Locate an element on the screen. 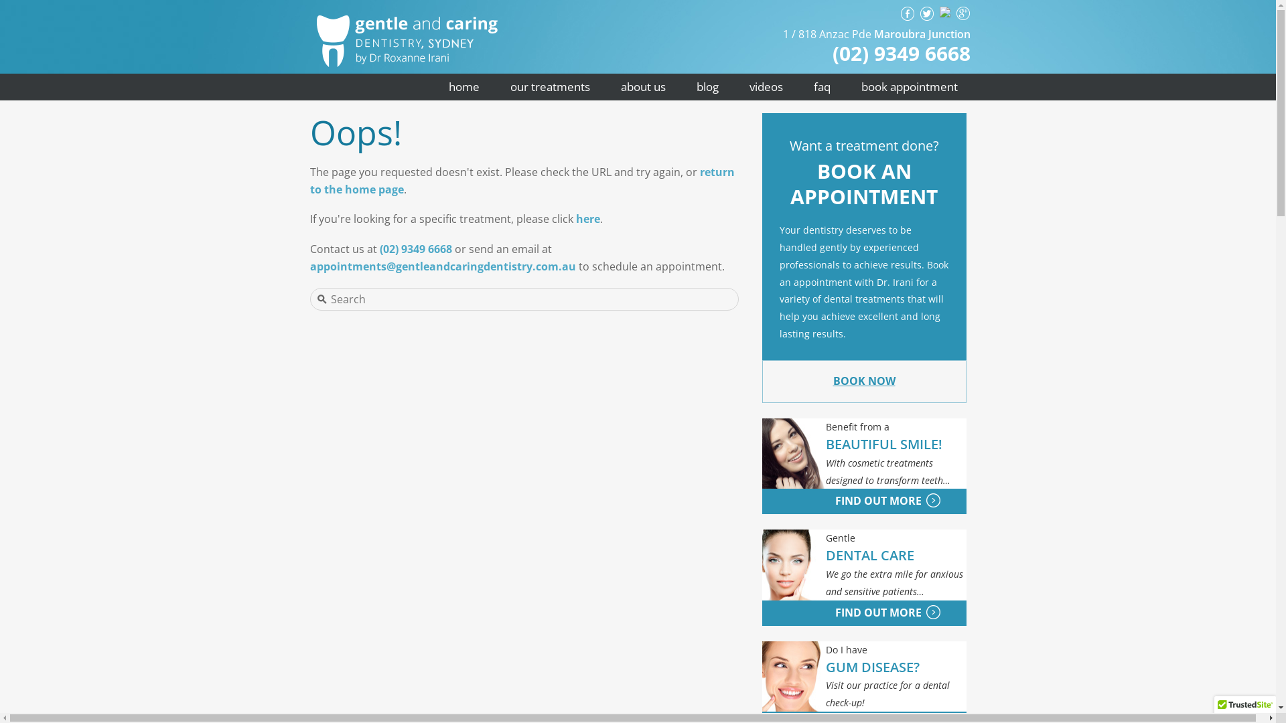 The height and width of the screenshot is (723, 1286). 'TrustedSite Certified' is located at coordinates (1244, 708).